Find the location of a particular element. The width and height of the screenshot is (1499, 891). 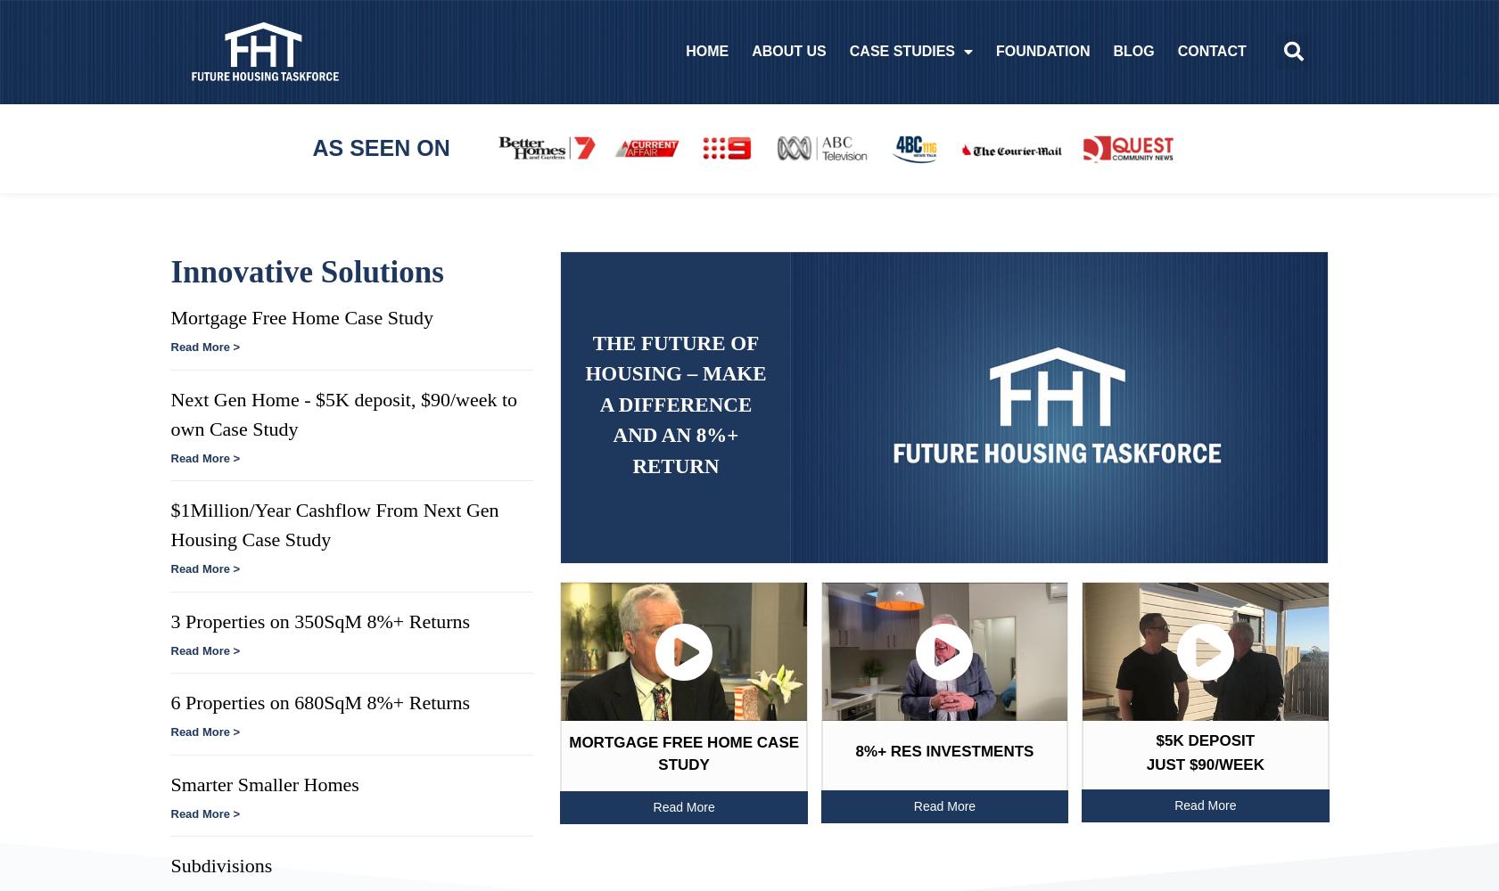

'$5K deposit' is located at coordinates (1205, 739).